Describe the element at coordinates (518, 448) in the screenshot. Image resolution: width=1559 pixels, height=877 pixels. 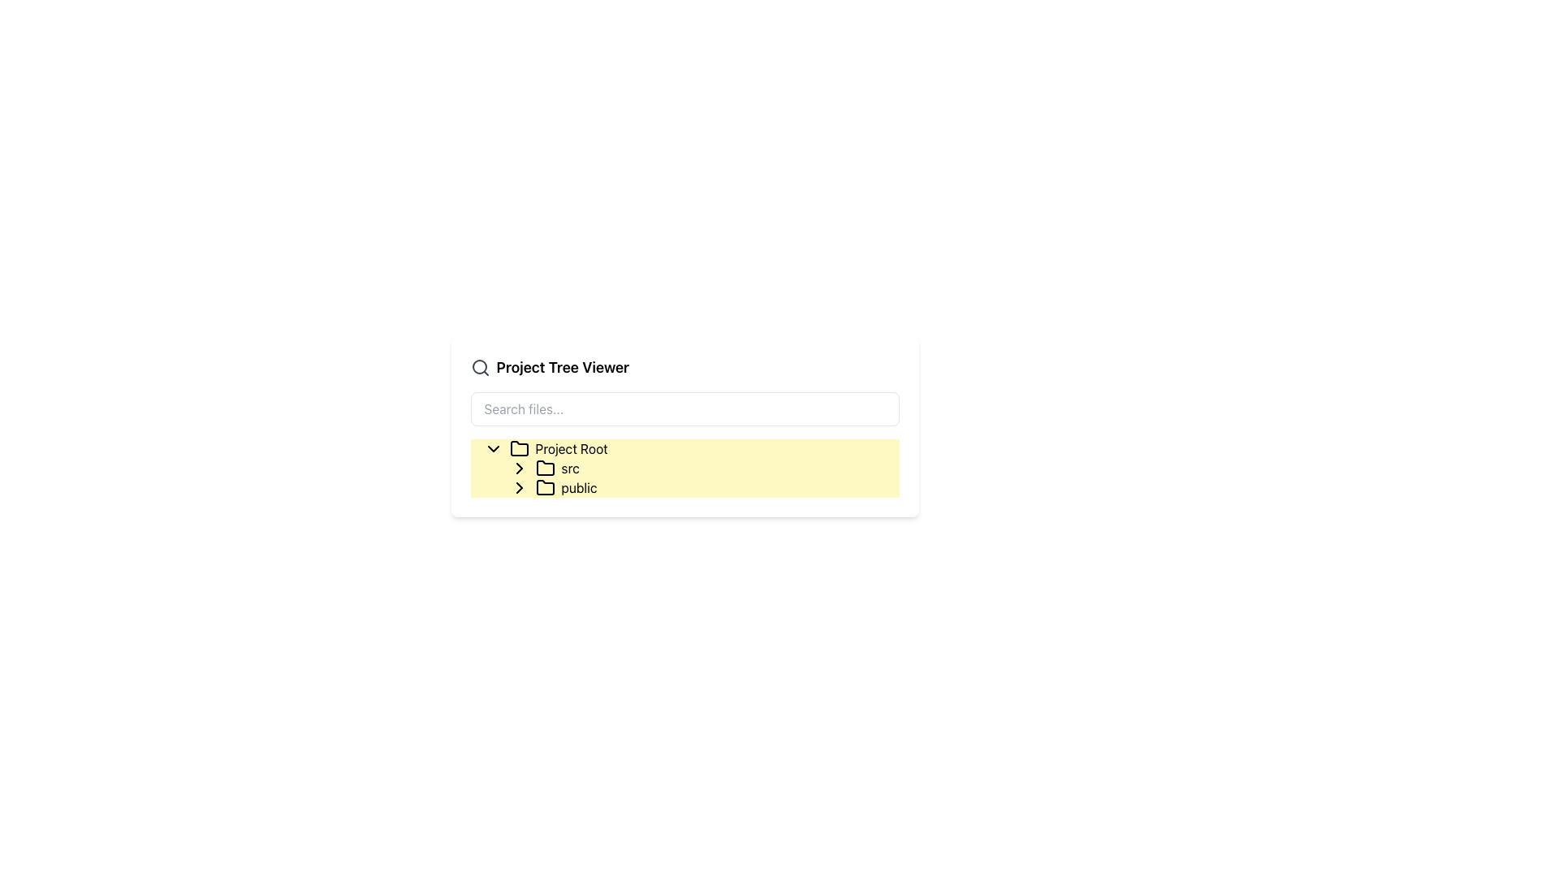
I see `the row associated with the 'Project Root' folder icon by clicking on the center of the icon, which is visually linked to the text indicating its directory type` at that location.